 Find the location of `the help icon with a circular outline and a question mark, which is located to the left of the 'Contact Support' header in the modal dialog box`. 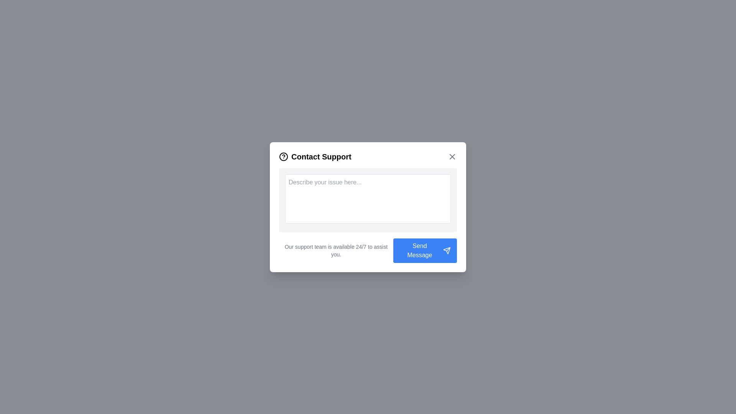

the help icon with a circular outline and a question mark, which is located to the left of the 'Contact Support' header in the modal dialog box is located at coordinates (283, 156).